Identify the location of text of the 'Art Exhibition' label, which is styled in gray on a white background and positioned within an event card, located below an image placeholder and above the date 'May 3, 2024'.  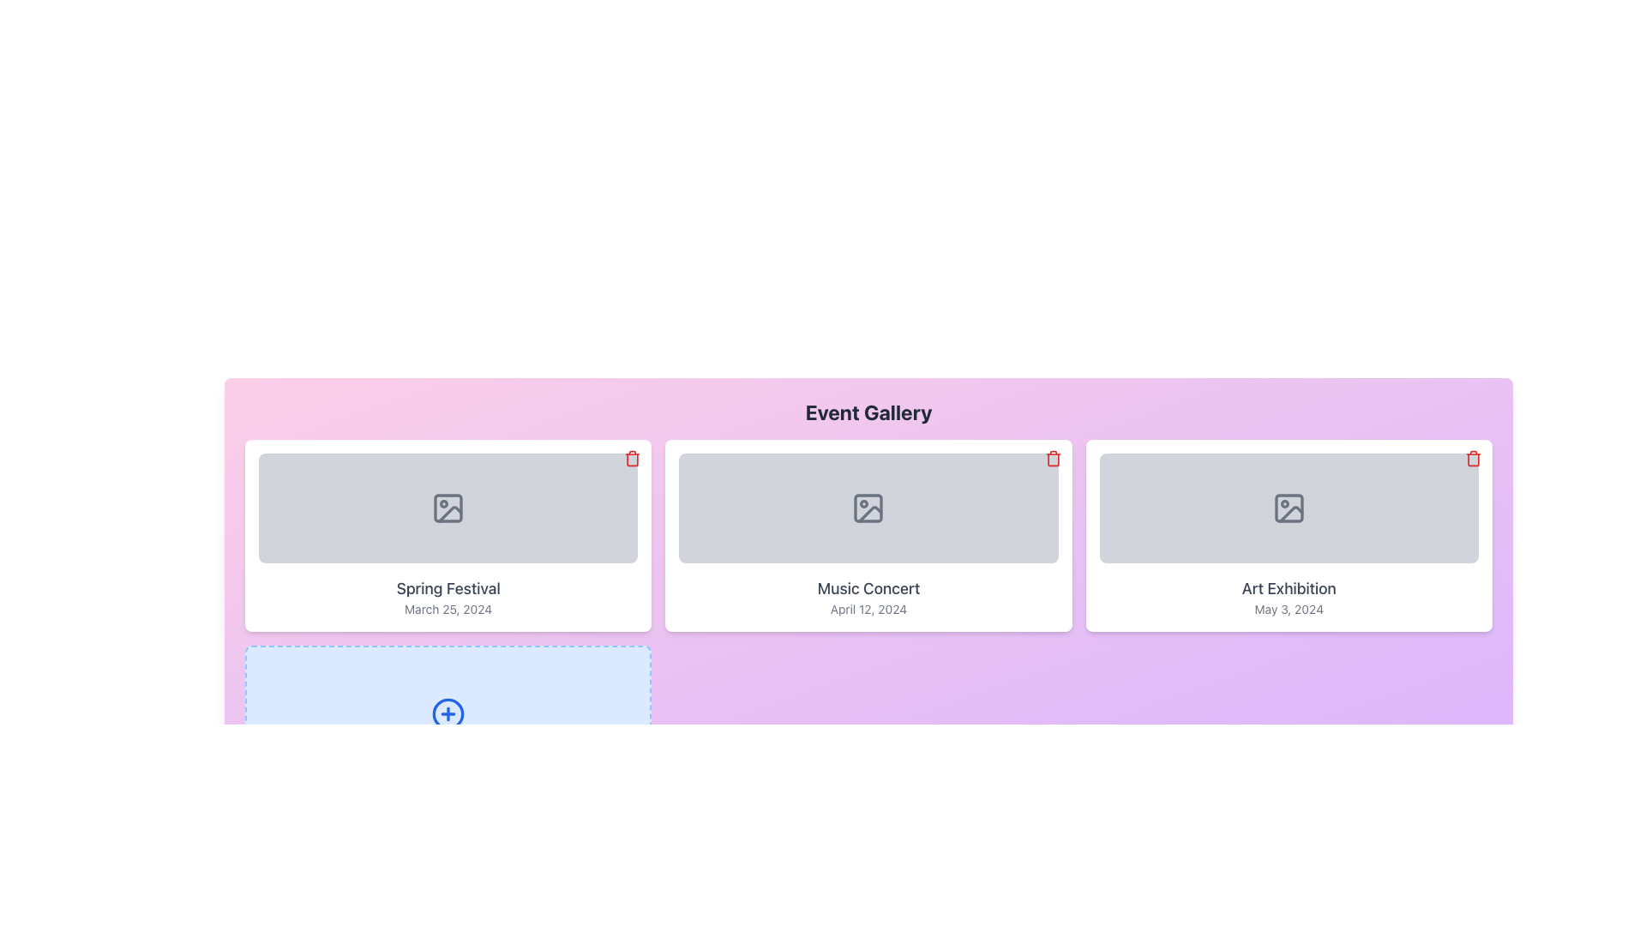
(1289, 587).